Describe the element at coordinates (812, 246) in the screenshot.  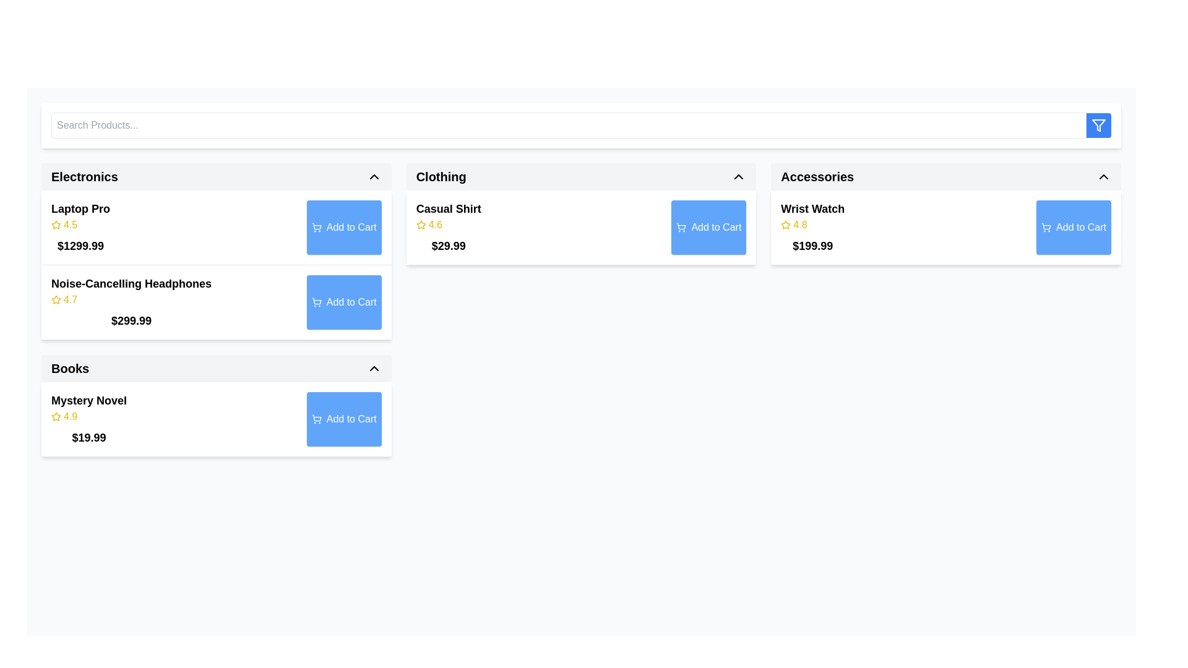
I see `the price display of the item 'Wrist Watch', which is located below the text 'Wrist Watch' and the rating '4.8' in the 'Accessories' section` at that location.